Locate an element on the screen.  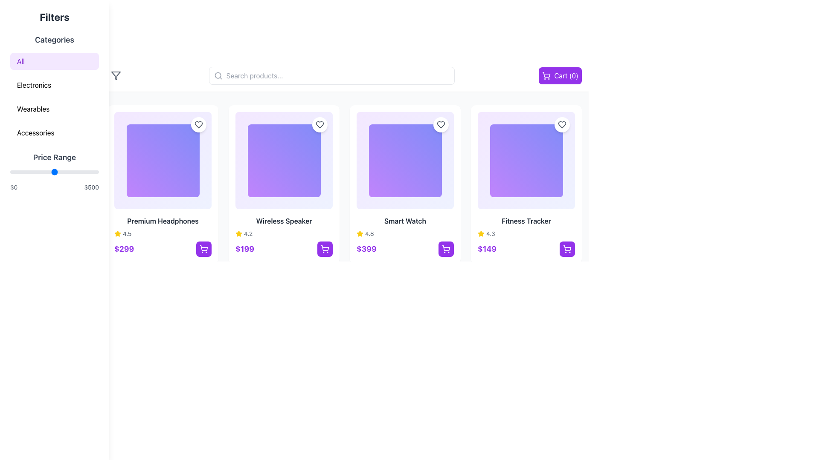
the star icon representing the product's rating of 4.8 located within the Smart Watch product card is located at coordinates (360, 233).